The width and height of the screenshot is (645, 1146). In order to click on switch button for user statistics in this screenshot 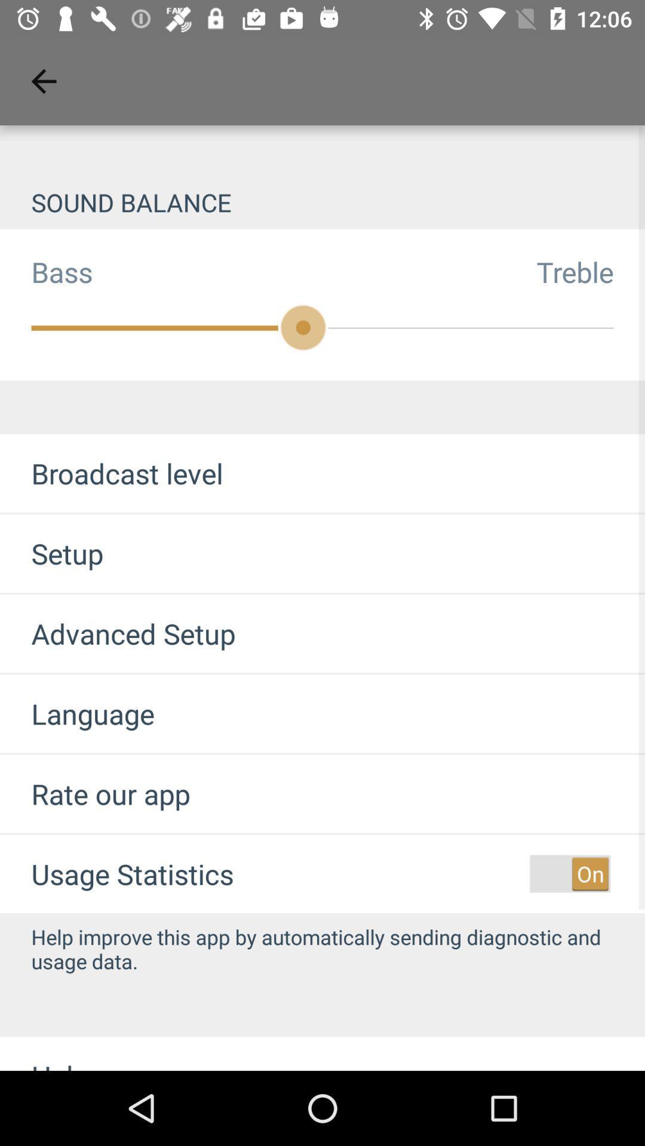, I will do `click(569, 874)`.